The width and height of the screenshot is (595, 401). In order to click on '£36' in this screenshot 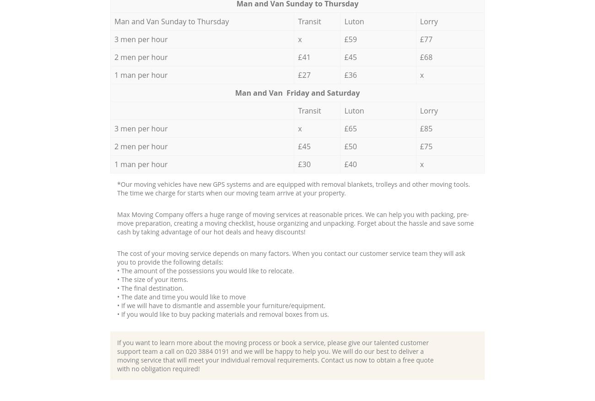, I will do `click(350, 74)`.